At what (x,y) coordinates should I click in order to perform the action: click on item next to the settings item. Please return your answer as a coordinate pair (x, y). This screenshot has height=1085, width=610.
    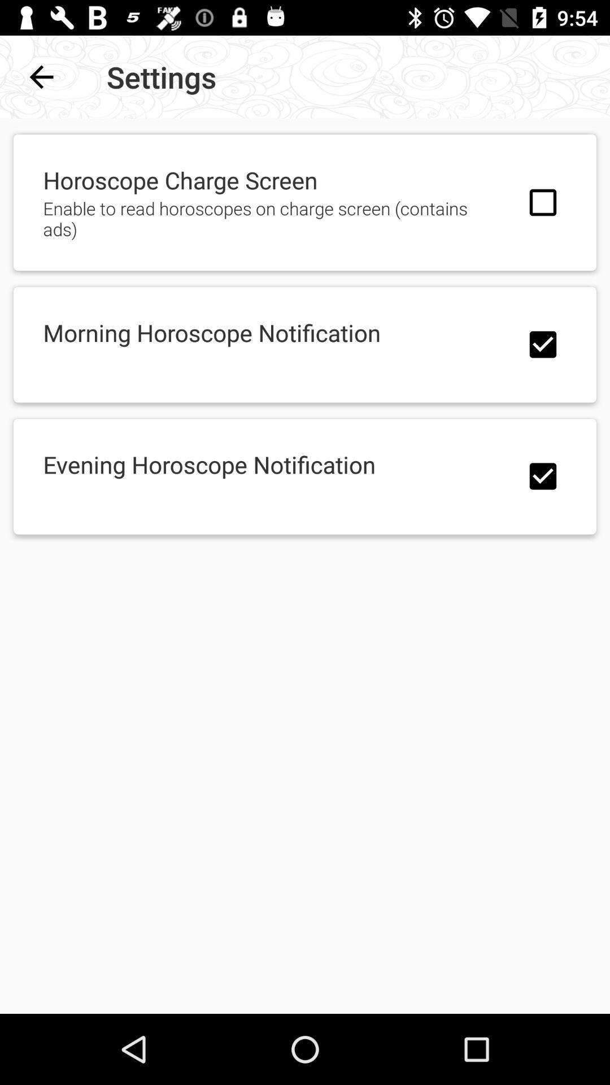
    Looking at the image, I should click on (41, 76).